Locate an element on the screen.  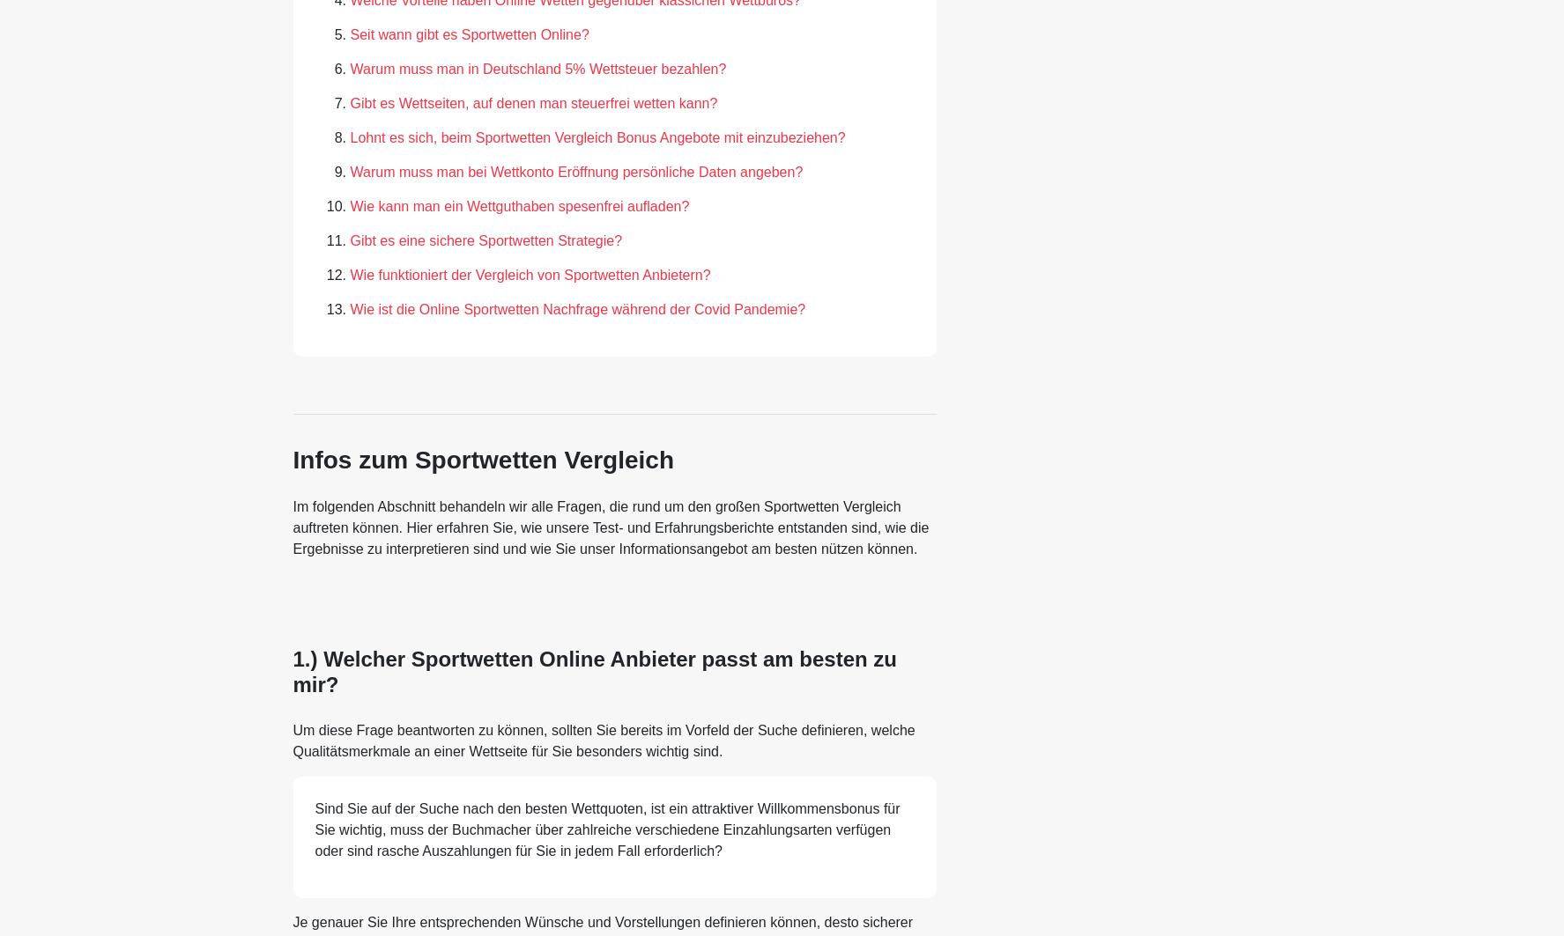
'Wie funktioniert der Vergleich von Sportwetten Anbietern?' is located at coordinates (349, 274).